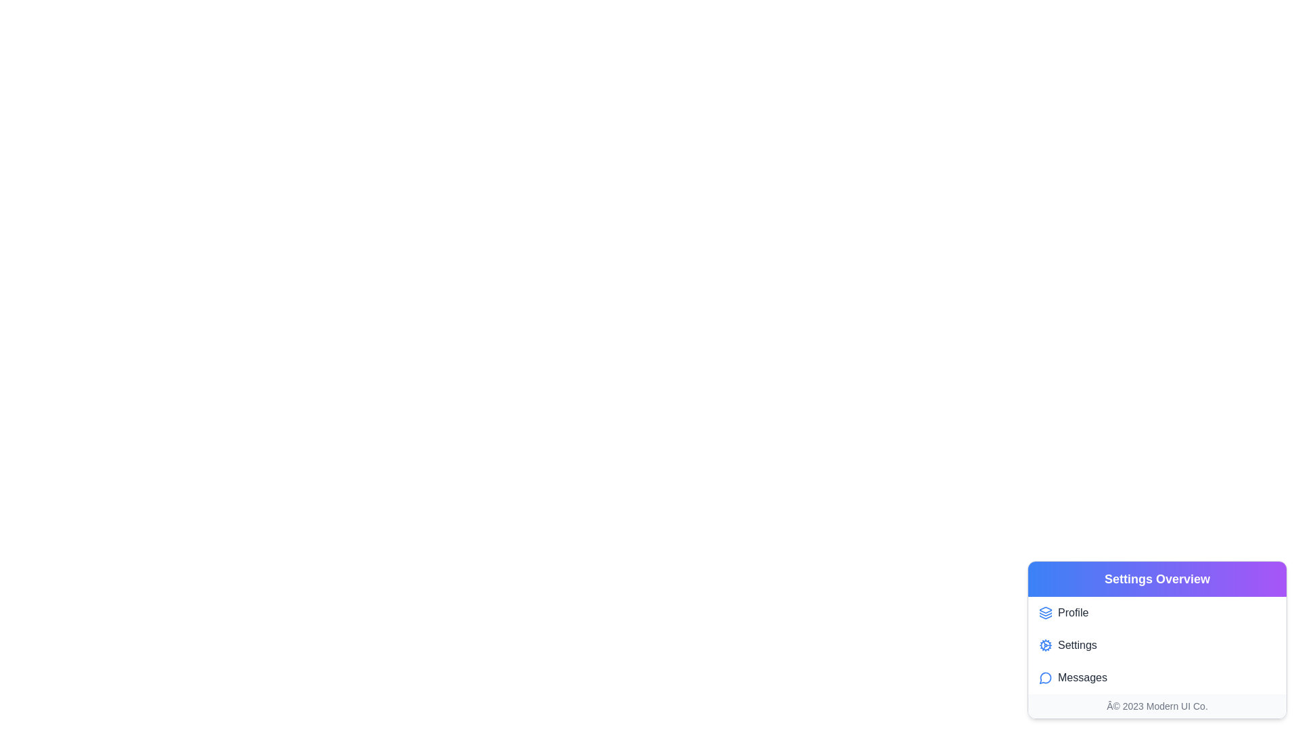 This screenshot has width=1298, height=730. I want to click on the List with selectable items that includes 'Profile', 'Settings', and 'Messages' located beneath the 'Settings Overview' banner, so click(1157, 645).